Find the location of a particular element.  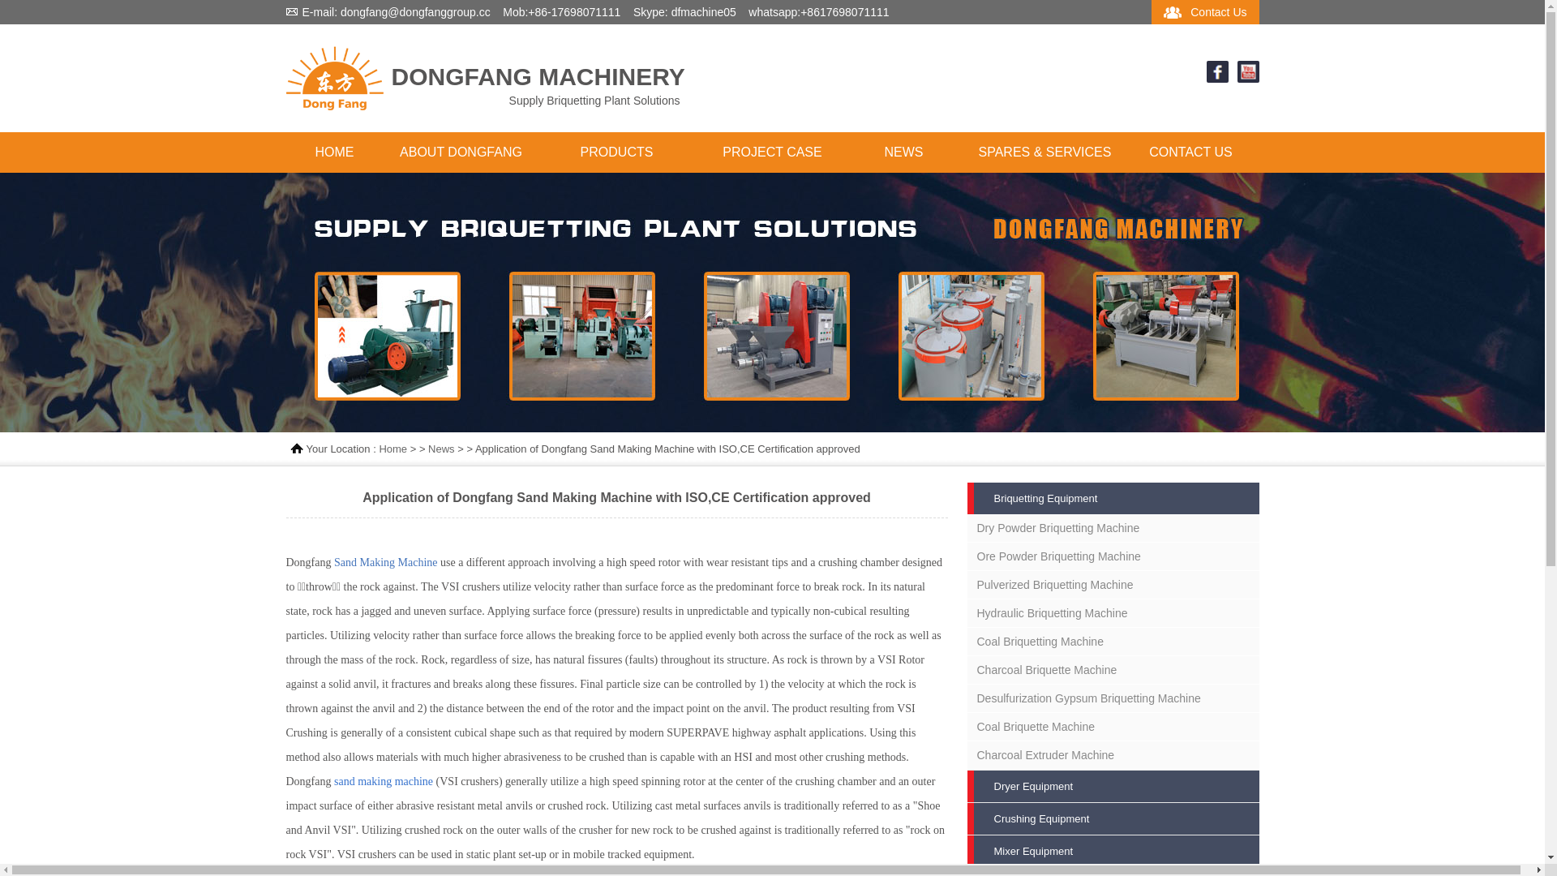

'Sand Making Machine' is located at coordinates (333, 561).